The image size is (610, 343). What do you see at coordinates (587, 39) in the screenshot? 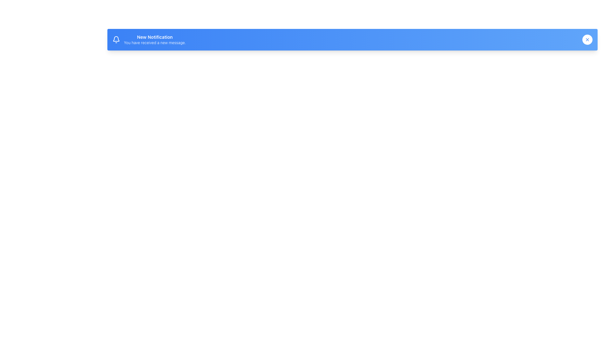
I see `the small, white, circular button with a blue border and a blue 'X' icon located at the far right of the horizontal notification bar` at bounding box center [587, 39].